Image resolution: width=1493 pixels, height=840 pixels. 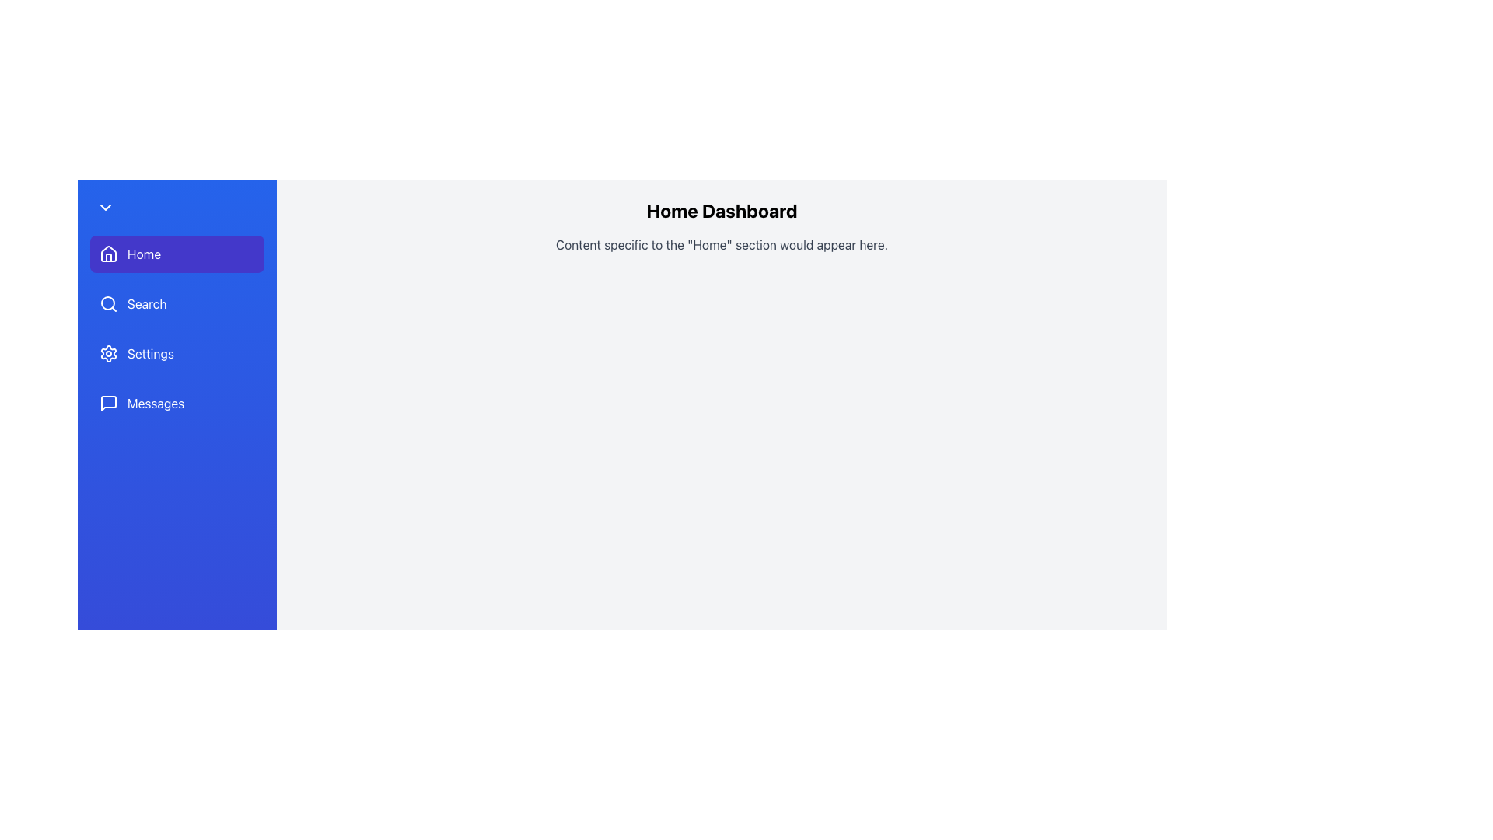 What do you see at coordinates (107, 254) in the screenshot?
I see `the 'Home' button in the vertical navigation bar` at bounding box center [107, 254].